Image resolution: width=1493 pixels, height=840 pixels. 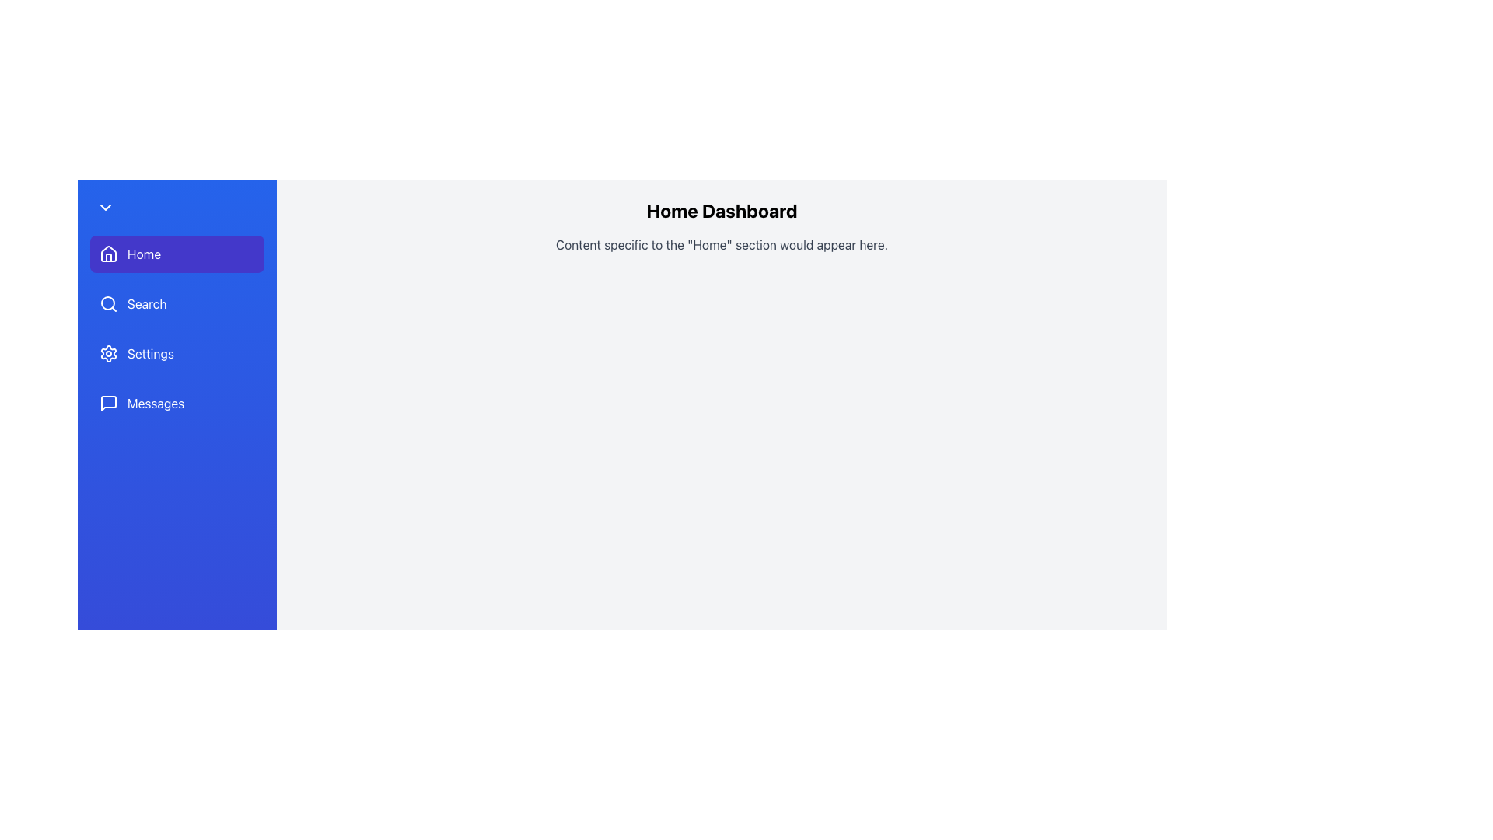 What do you see at coordinates (107, 254) in the screenshot?
I see `the 'Home' button in the vertical navigation bar` at bounding box center [107, 254].